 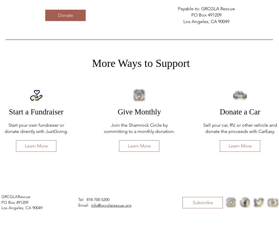 What do you see at coordinates (139, 112) in the screenshot?
I see `'Give Monthly'` at bounding box center [139, 112].